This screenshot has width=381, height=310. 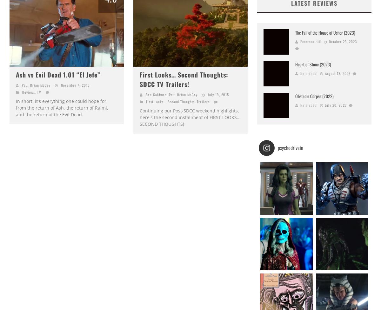 I want to click on 'July 20, 2023', so click(x=336, y=104).